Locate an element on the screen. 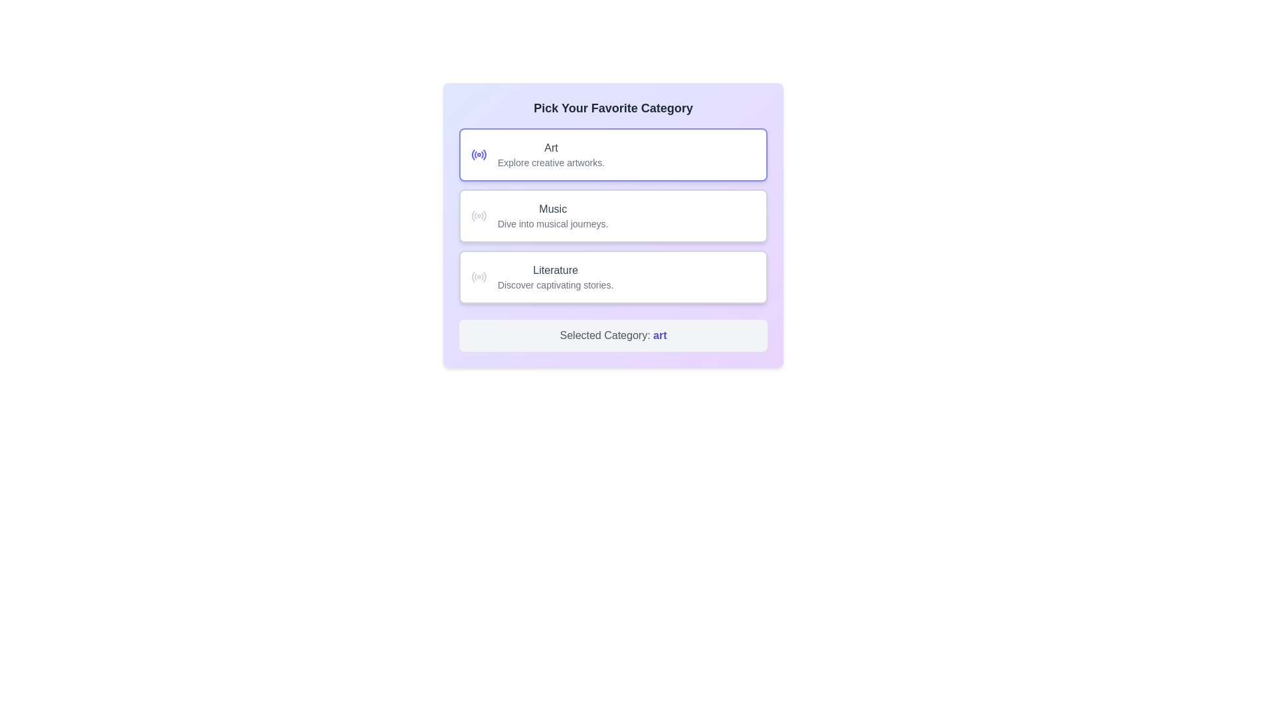  the text display that reads 'Selected Category: art', which features a medium-weight gray font with the word 'art' in bold indigo, located near the bottom center of the category selection panel is located at coordinates (612, 335).